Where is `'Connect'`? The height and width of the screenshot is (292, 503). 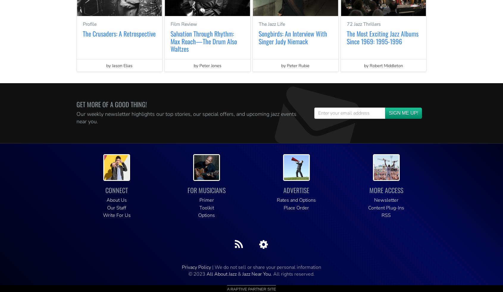
'Connect' is located at coordinates (105, 190).